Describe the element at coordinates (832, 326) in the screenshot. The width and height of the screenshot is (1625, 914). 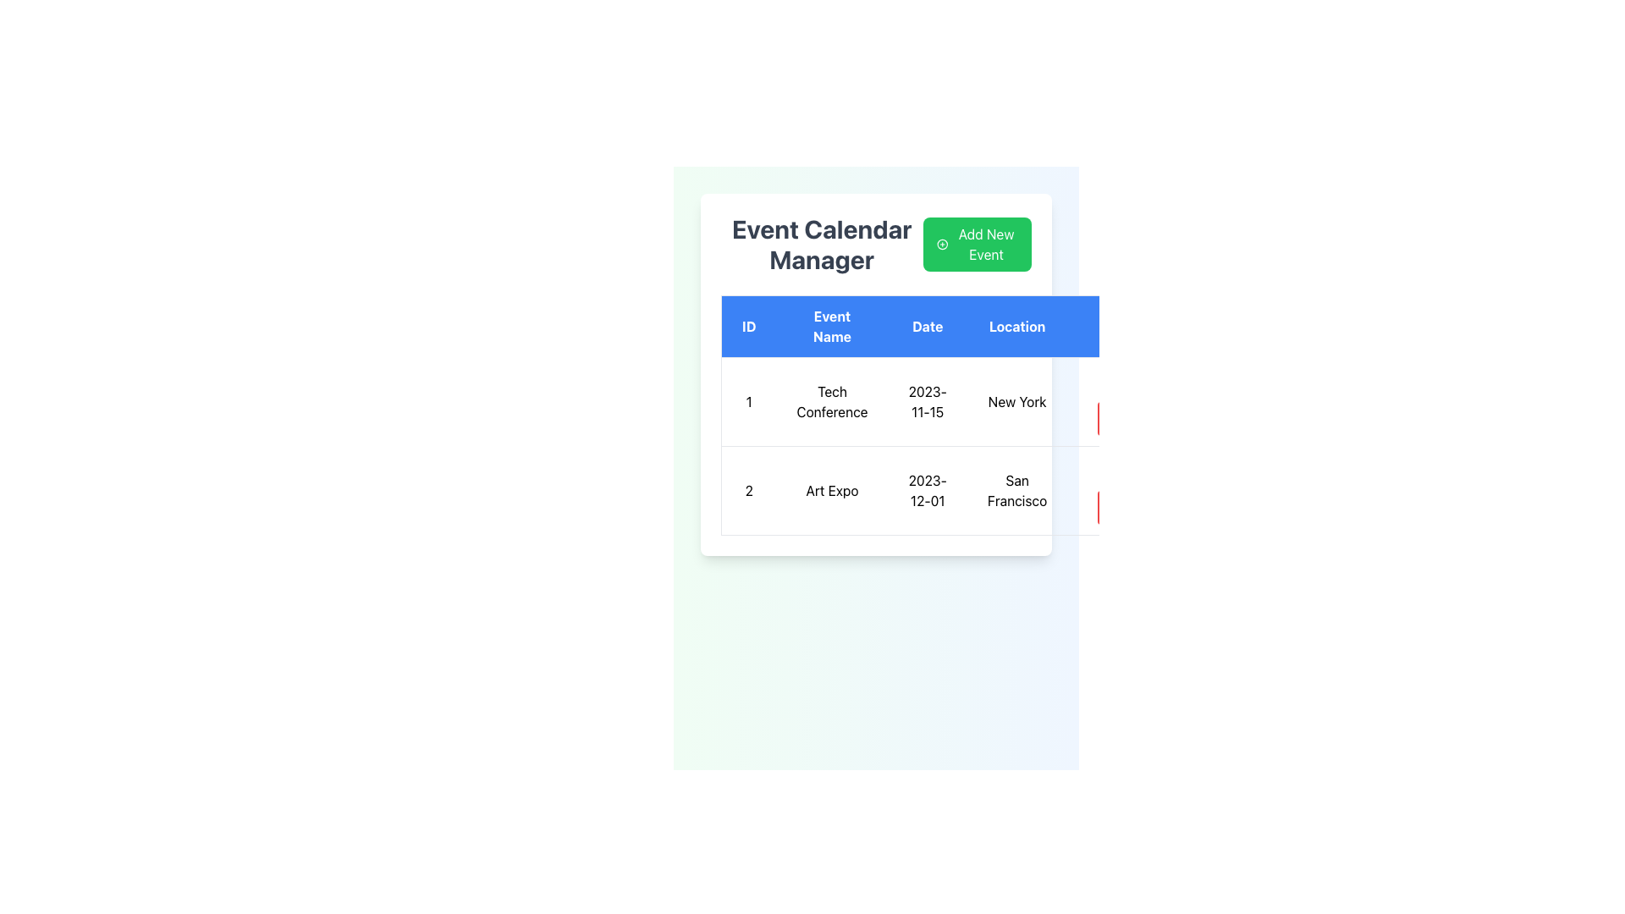
I see `the 'Event Name' header label in the table, which is the second label from the left, positioned between 'ID' and 'Date'` at that location.